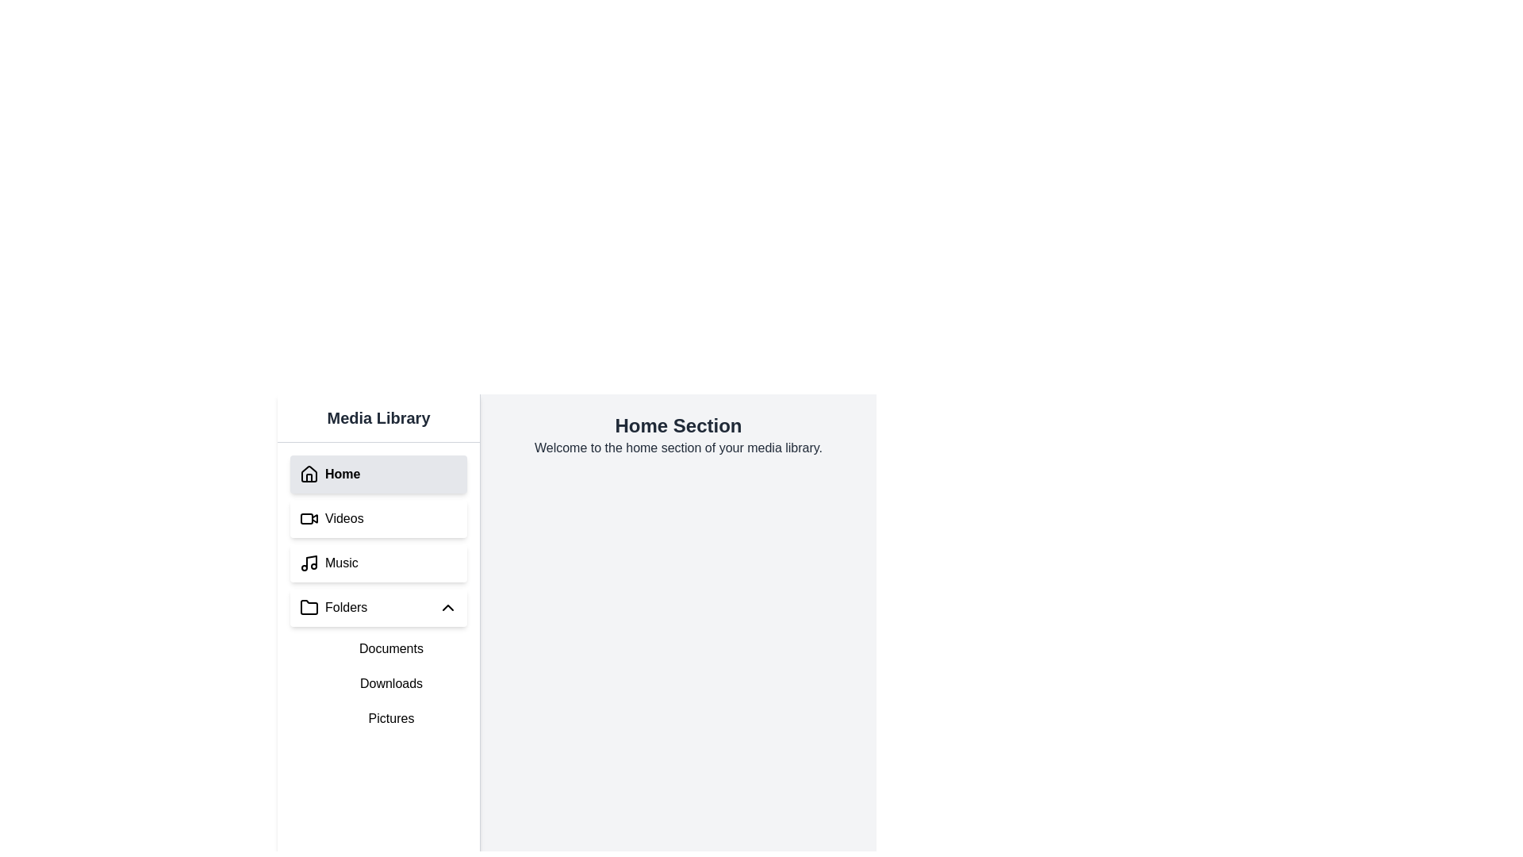  I want to click on the house-shaped icon in the 'Media Library' sidebar, so click(309, 473).